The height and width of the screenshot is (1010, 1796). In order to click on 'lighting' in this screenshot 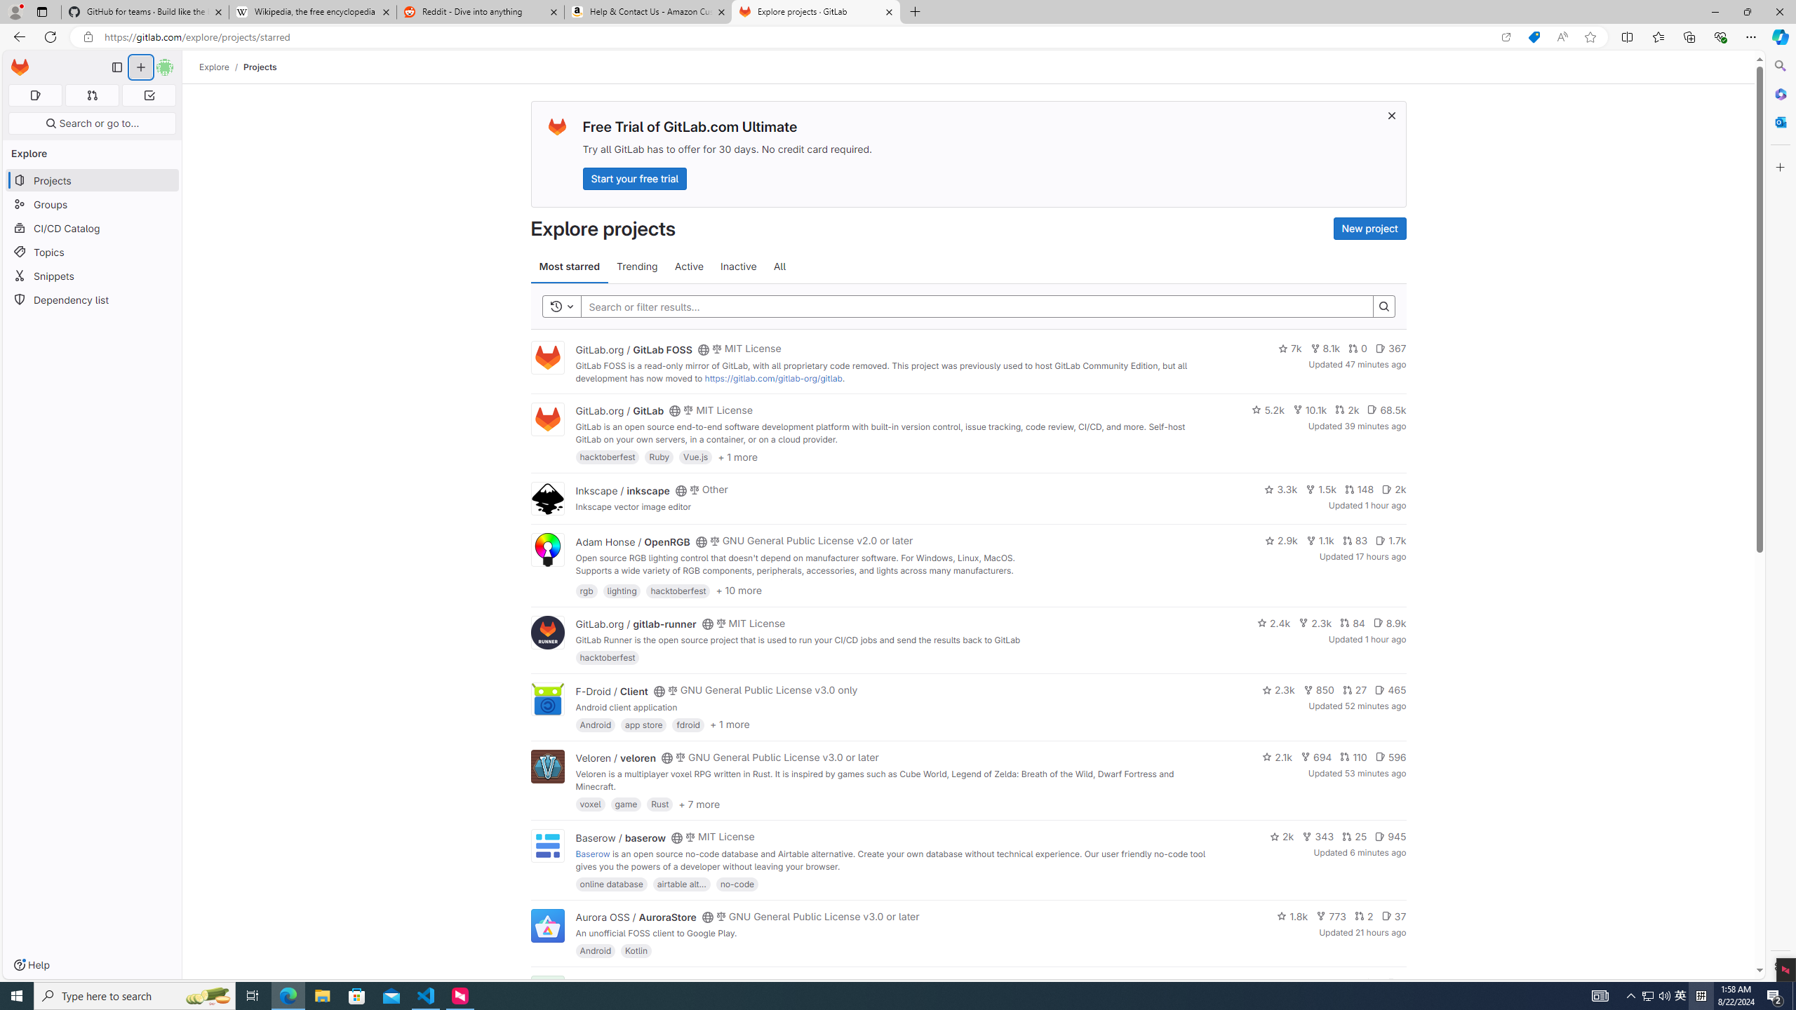, I will do `click(622, 589)`.